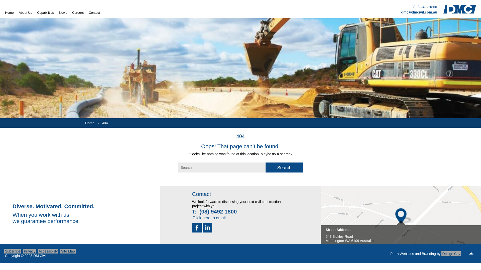 The height and width of the screenshot is (270, 481). Describe the element at coordinates (37, 251) in the screenshot. I see `'Accessibility'` at that location.